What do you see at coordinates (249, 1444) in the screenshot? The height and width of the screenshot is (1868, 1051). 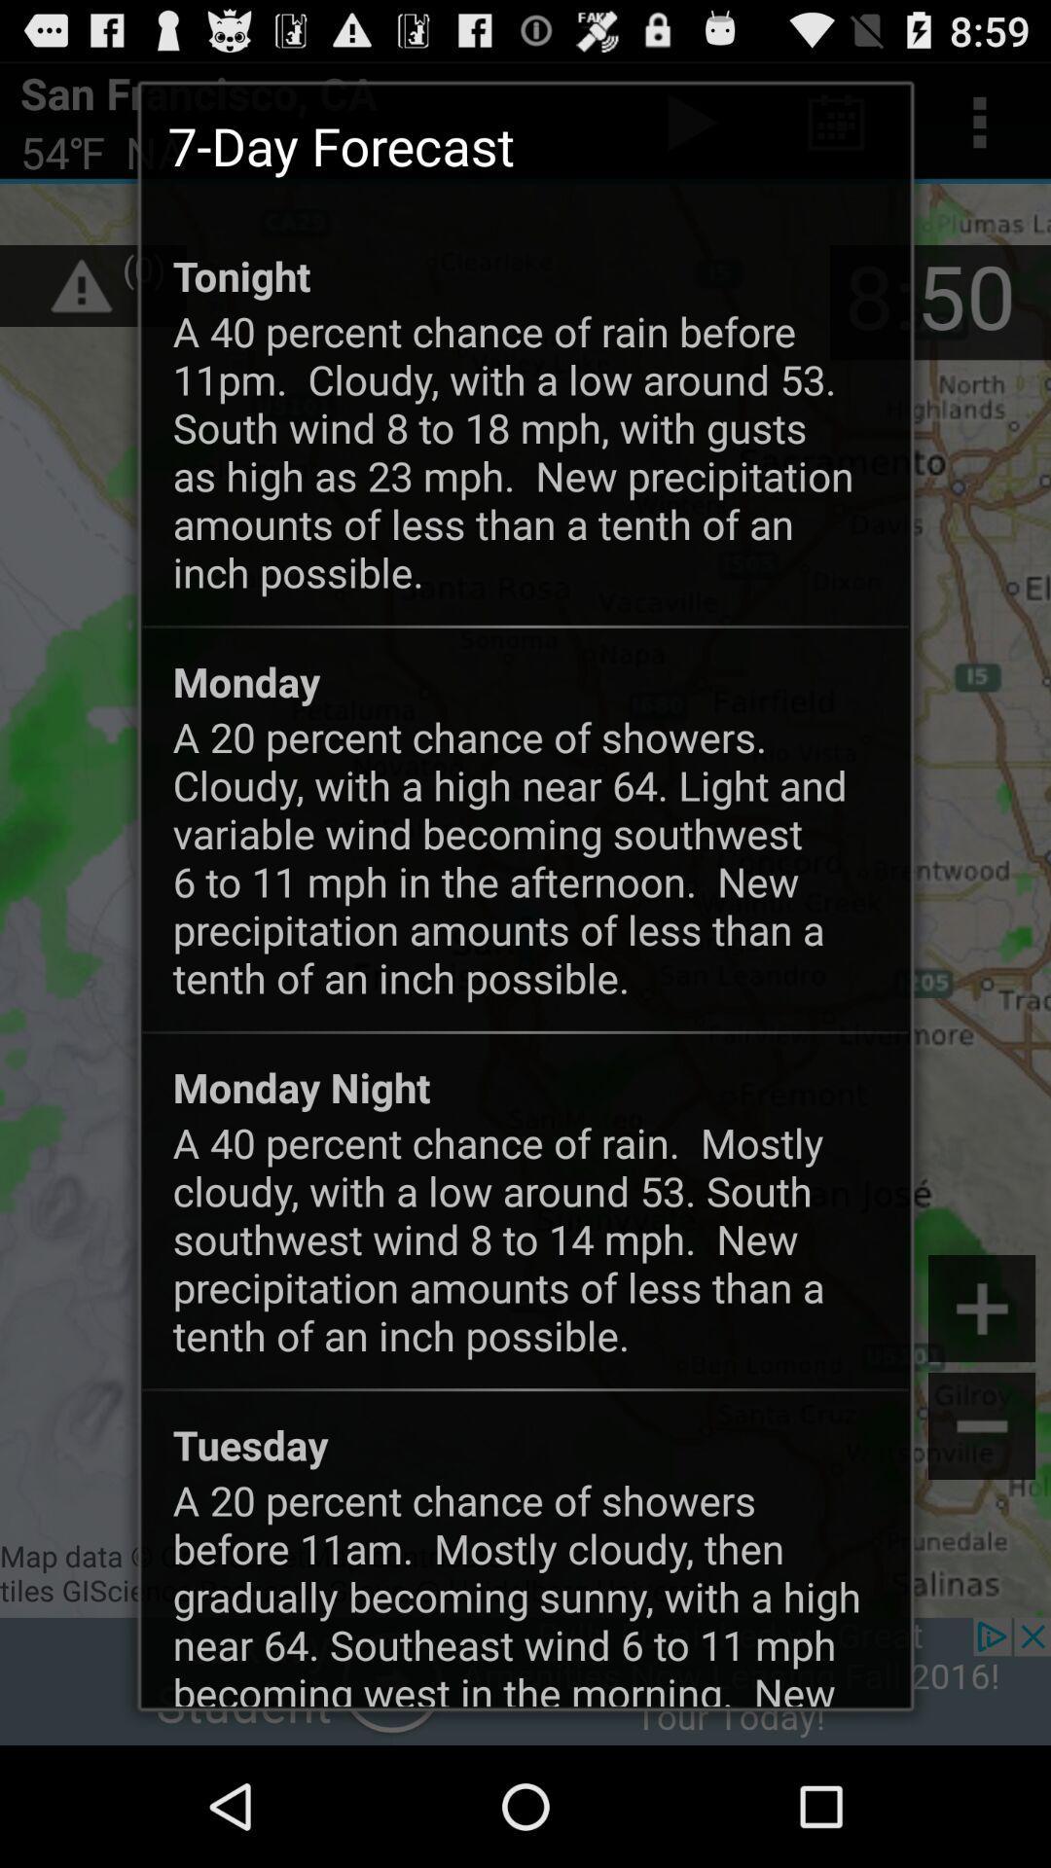 I see `the icon below the a 40 percent` at bounding box center [249, 1444].